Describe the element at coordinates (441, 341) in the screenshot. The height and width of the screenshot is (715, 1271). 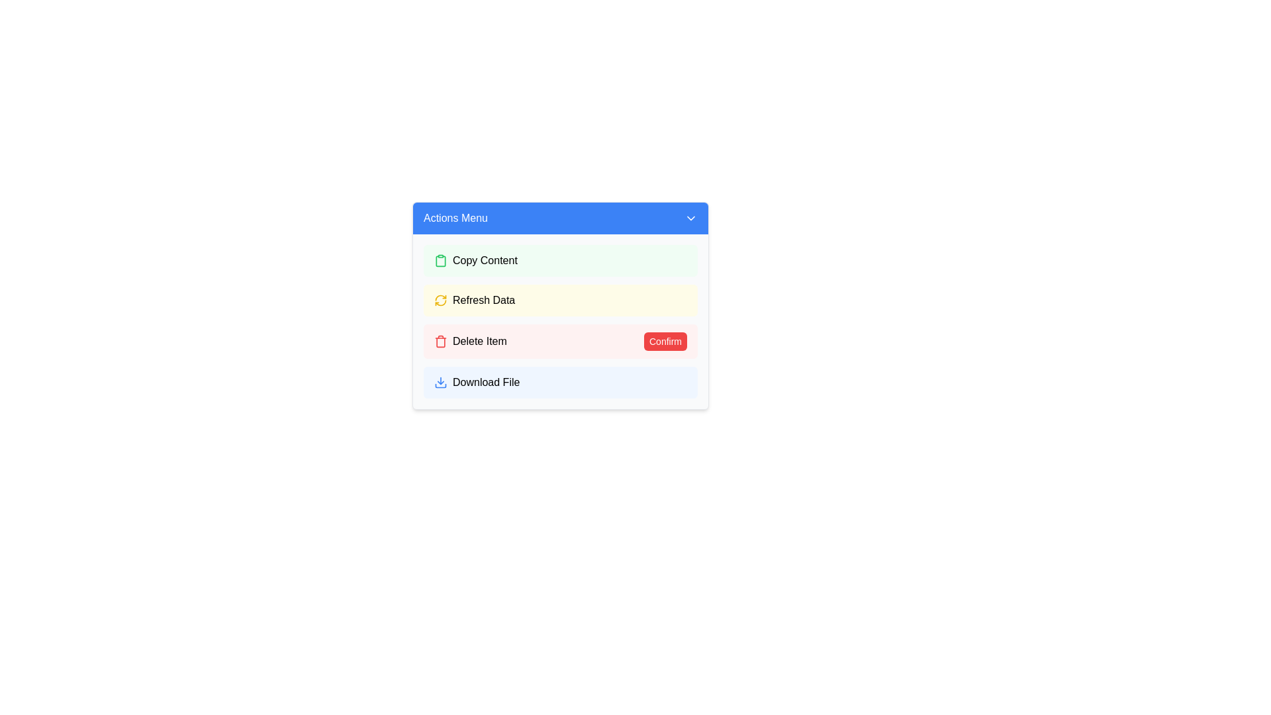
I see `the 'Delete Item' icon located in the third row of the dropdown menu, which has a light red background and is positioned to the left of the 'Delete Item' text` at that location.